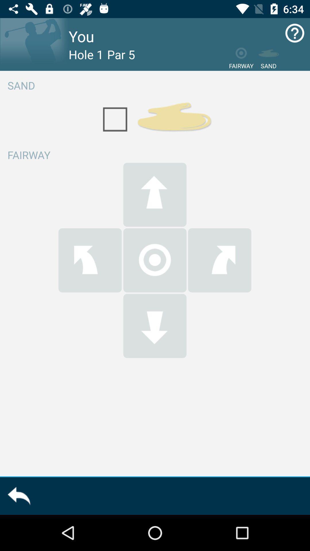 This screenshot has height=551, width=310. Describe the element at coordinates (295, 33) in the screenshot. I see `help` at that location.